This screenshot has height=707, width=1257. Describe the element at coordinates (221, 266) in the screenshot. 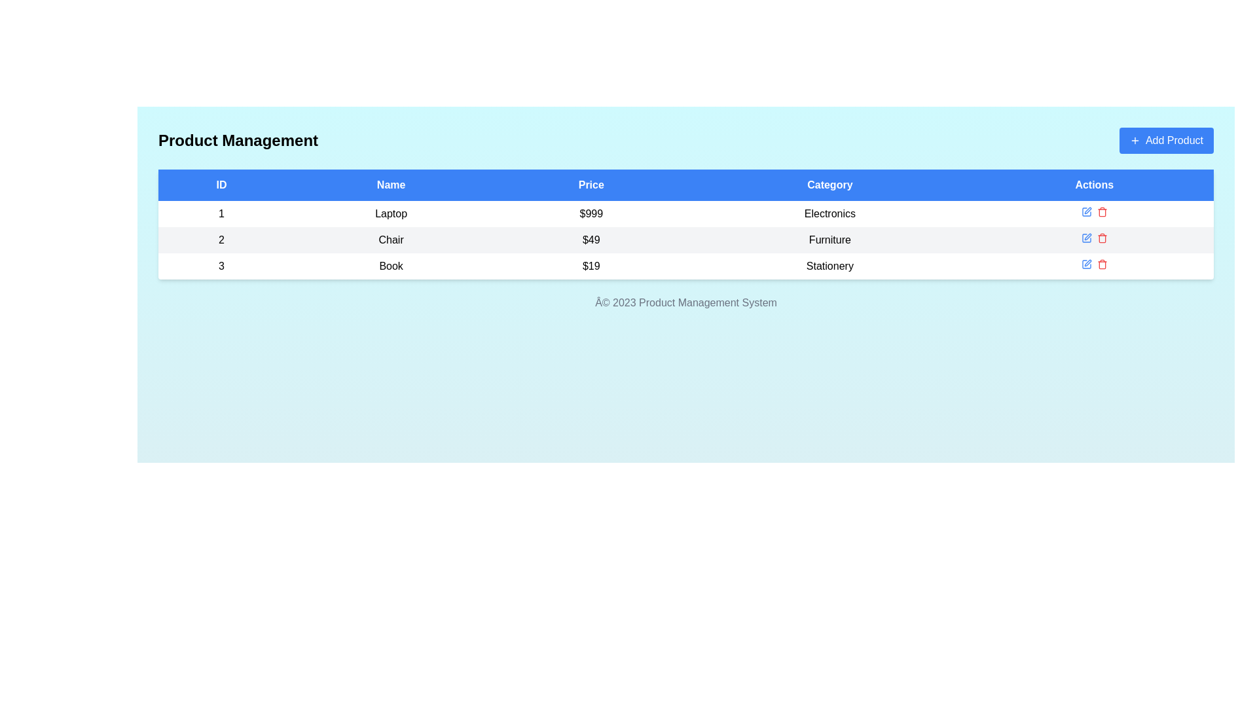

I see `the Text label in the third row of the table under the 'ID' column, which acts as an identifier for the row` at that location.